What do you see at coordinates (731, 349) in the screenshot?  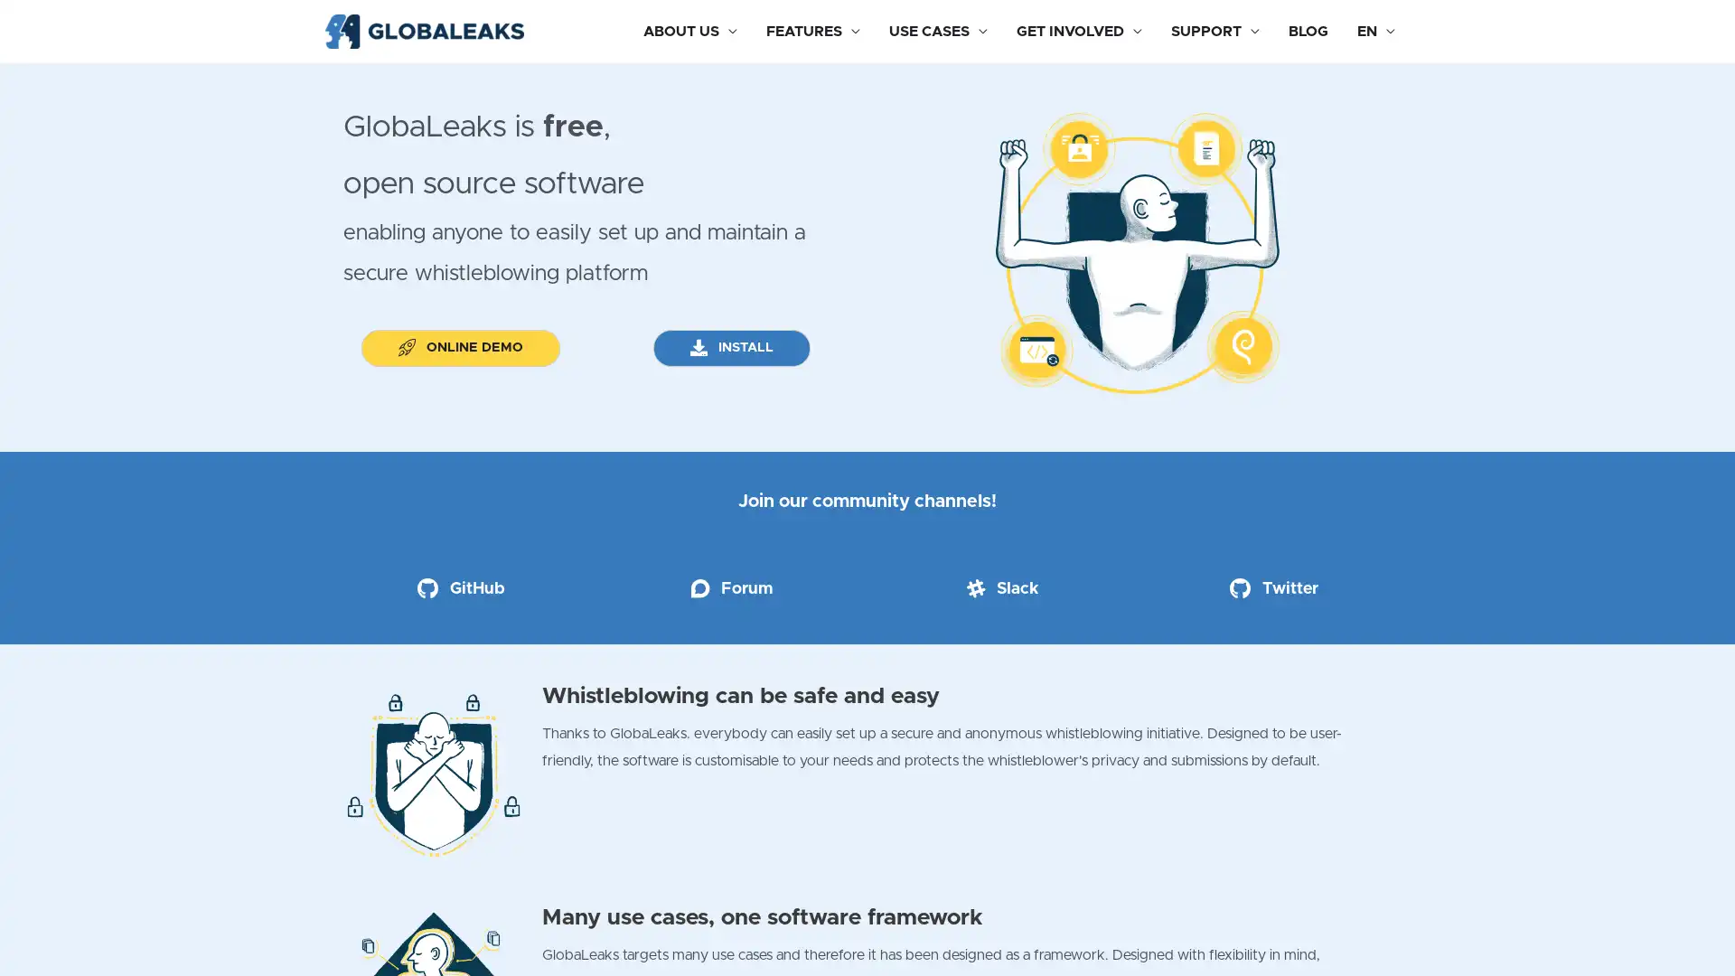 I see `INSTALL` at bounding box center [731, 349].